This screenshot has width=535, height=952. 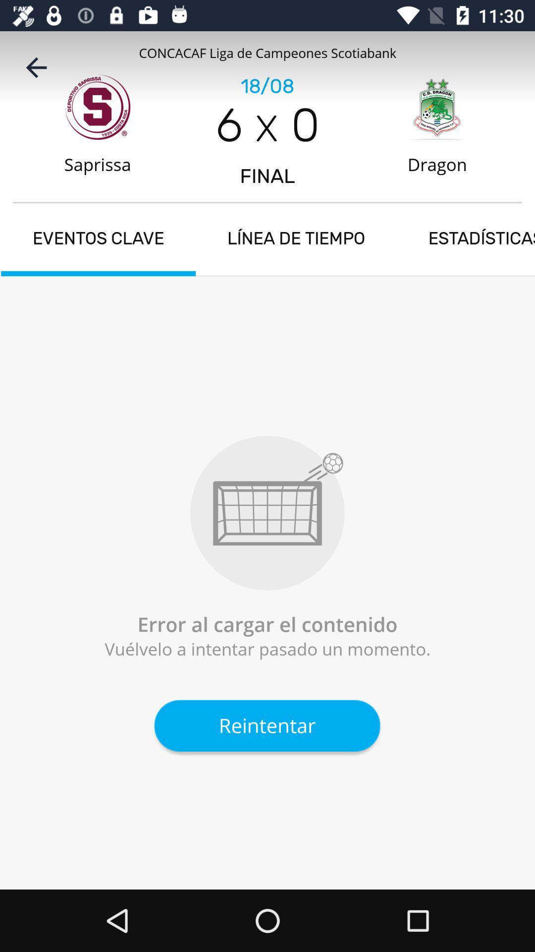 What do you see at coordinates (36, 67) in the screenshot?
I see `the icon to the left of the 18/08 item` at bounding box center [36, 67].